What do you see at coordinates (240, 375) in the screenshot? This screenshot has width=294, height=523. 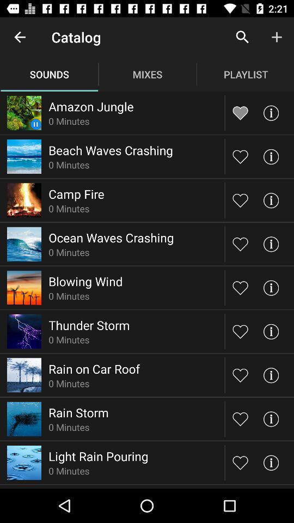 I see `this item` at bounding box center [240, 375].